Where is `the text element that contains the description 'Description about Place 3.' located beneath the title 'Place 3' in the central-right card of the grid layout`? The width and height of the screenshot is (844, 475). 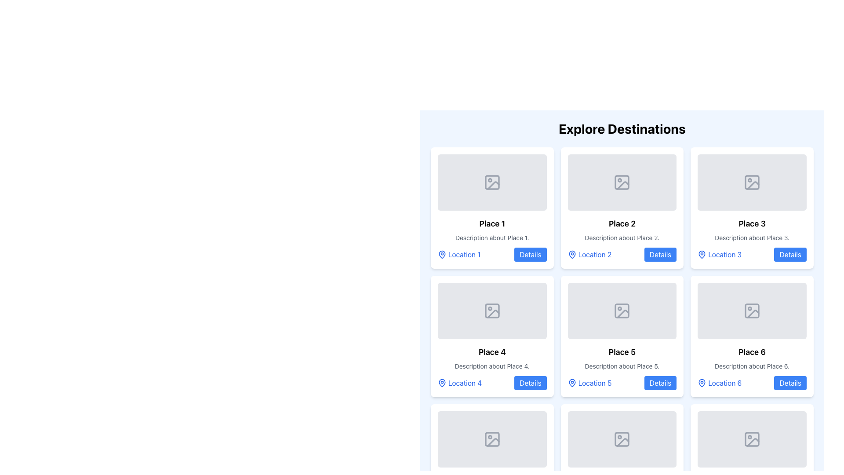
the text element that contains the description 'Description about Place 3.' located beneath the title 'Place 3' in the central-right card of the grid layout is located at coordinates (752, 237).